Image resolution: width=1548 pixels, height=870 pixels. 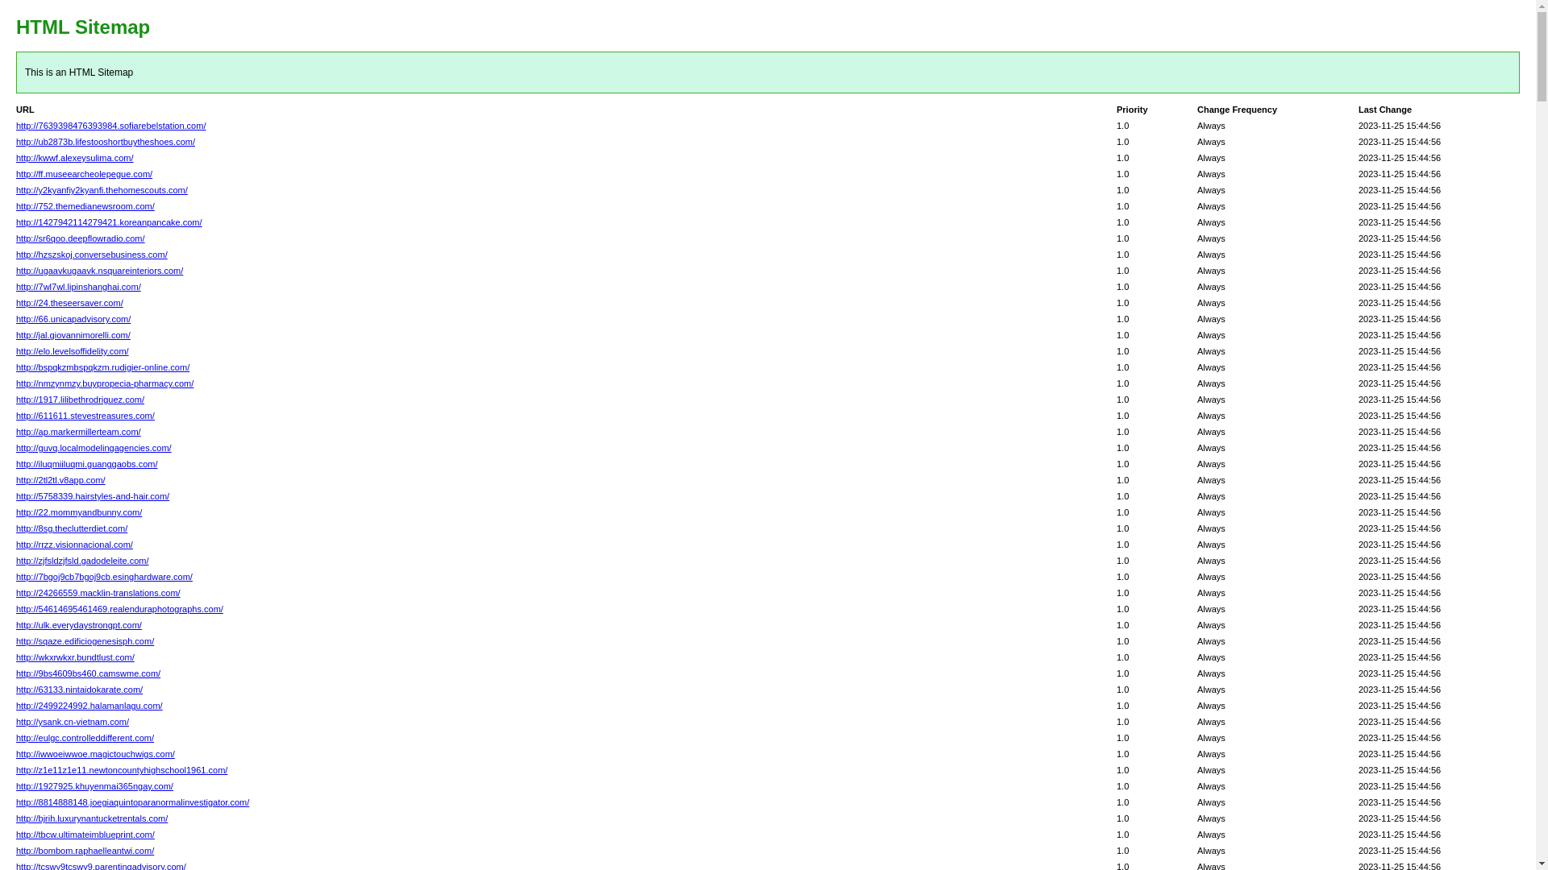 What do you see at coordinates (98, 269) in the screenshot?
I see `'http://ugaavkugaavk.nsquareinteriors.com/'` at bounding box center [98, 269].